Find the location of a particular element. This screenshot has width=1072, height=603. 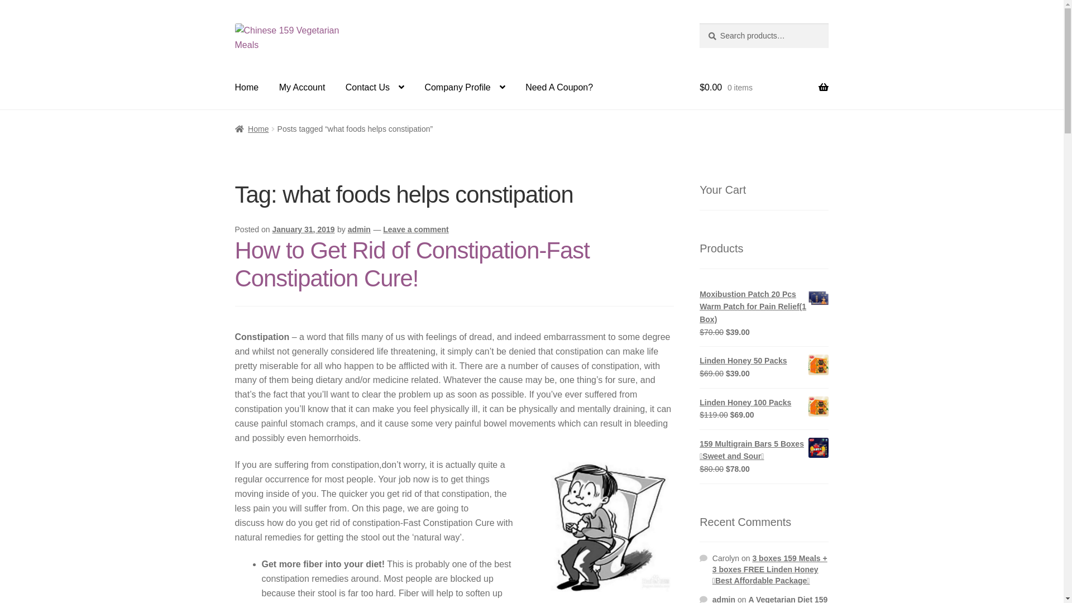

'$0.00 0 items' is located at coordinates (763, 87).